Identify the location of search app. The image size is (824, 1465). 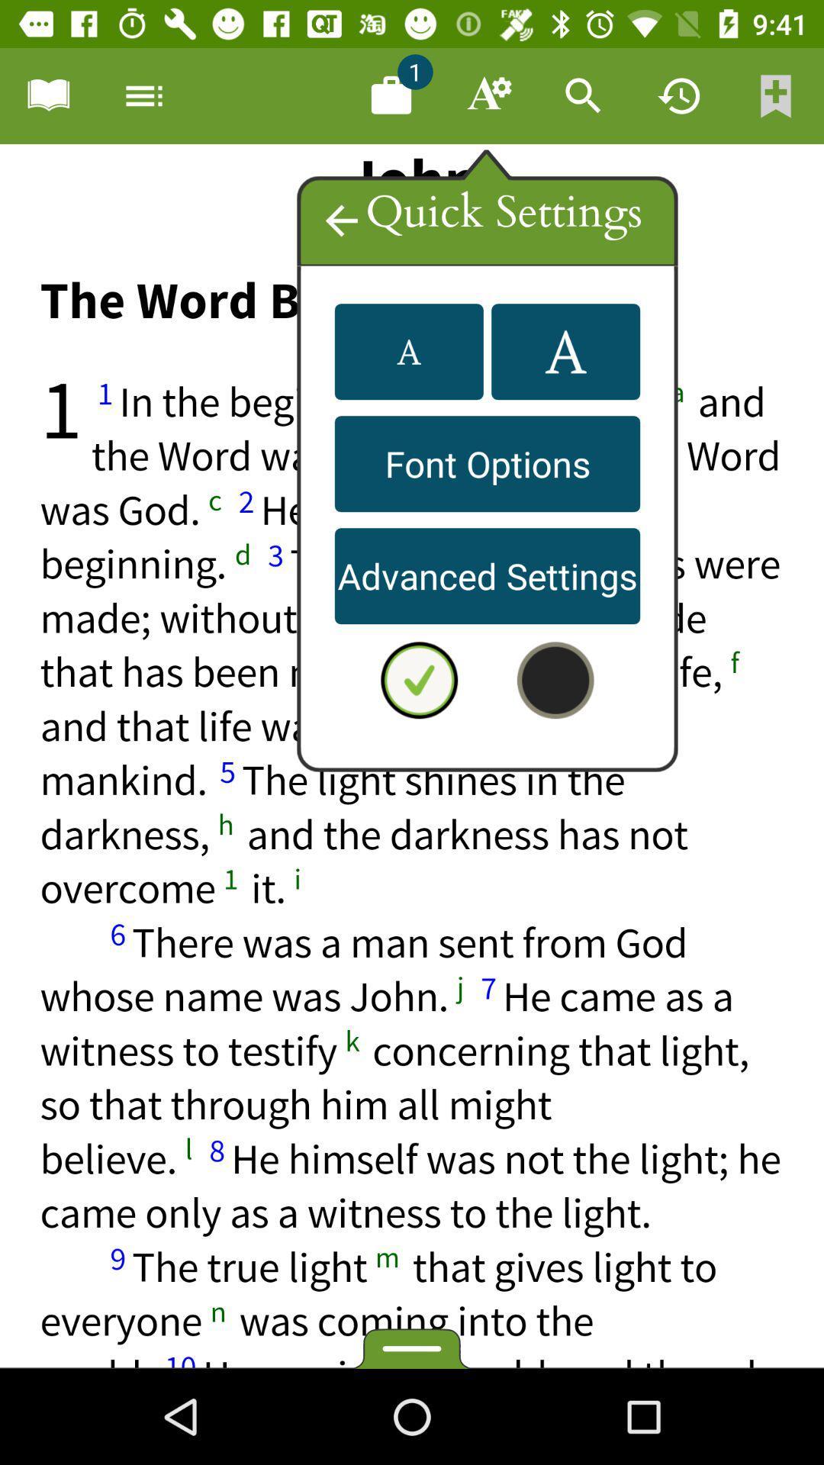
(583, 95).